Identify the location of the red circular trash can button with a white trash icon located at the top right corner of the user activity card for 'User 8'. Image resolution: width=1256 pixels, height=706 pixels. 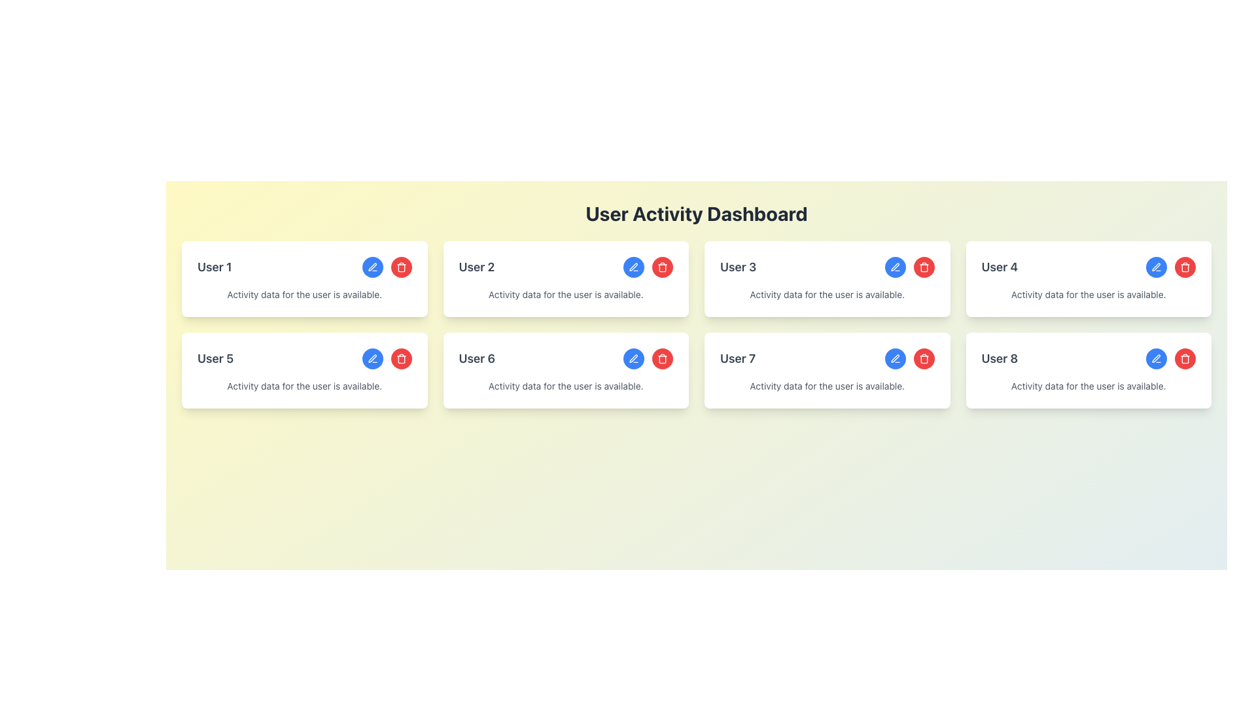
(1185, 358).